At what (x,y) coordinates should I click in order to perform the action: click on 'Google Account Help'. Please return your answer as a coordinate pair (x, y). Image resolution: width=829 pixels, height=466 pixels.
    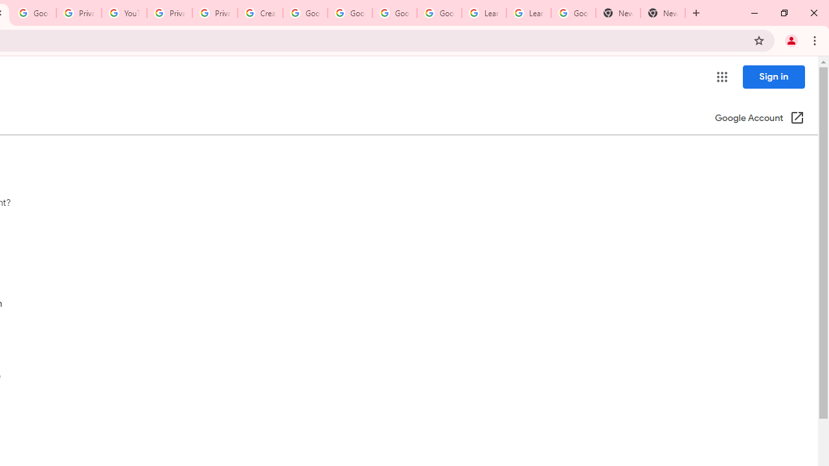
    Looking at the image, I should click on (304, 13).